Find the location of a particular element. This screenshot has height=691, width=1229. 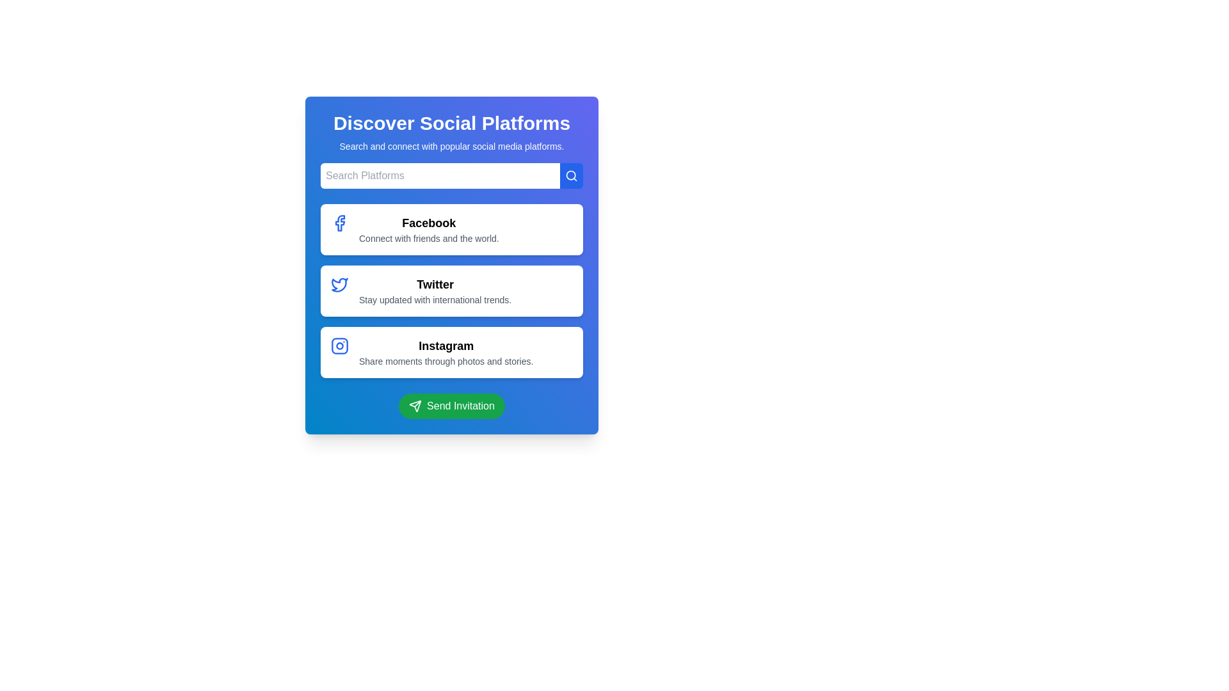

the Informational Card displaying 'Facebook' with a blue icon, which is the first card in a vertical stack of three cards is located at coordinates (451, 228).